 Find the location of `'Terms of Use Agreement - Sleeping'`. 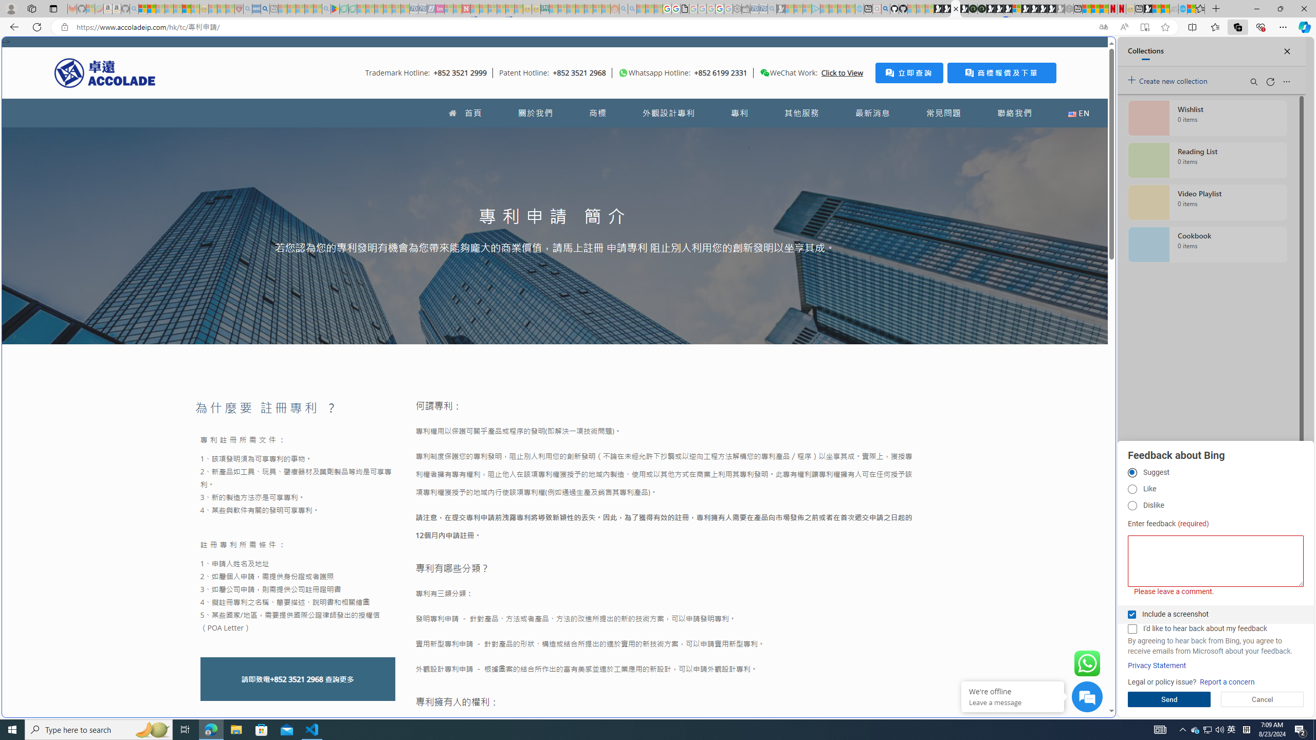

'Terms of Use Agreement - Sleeping' is located at coordinates (343, 8).